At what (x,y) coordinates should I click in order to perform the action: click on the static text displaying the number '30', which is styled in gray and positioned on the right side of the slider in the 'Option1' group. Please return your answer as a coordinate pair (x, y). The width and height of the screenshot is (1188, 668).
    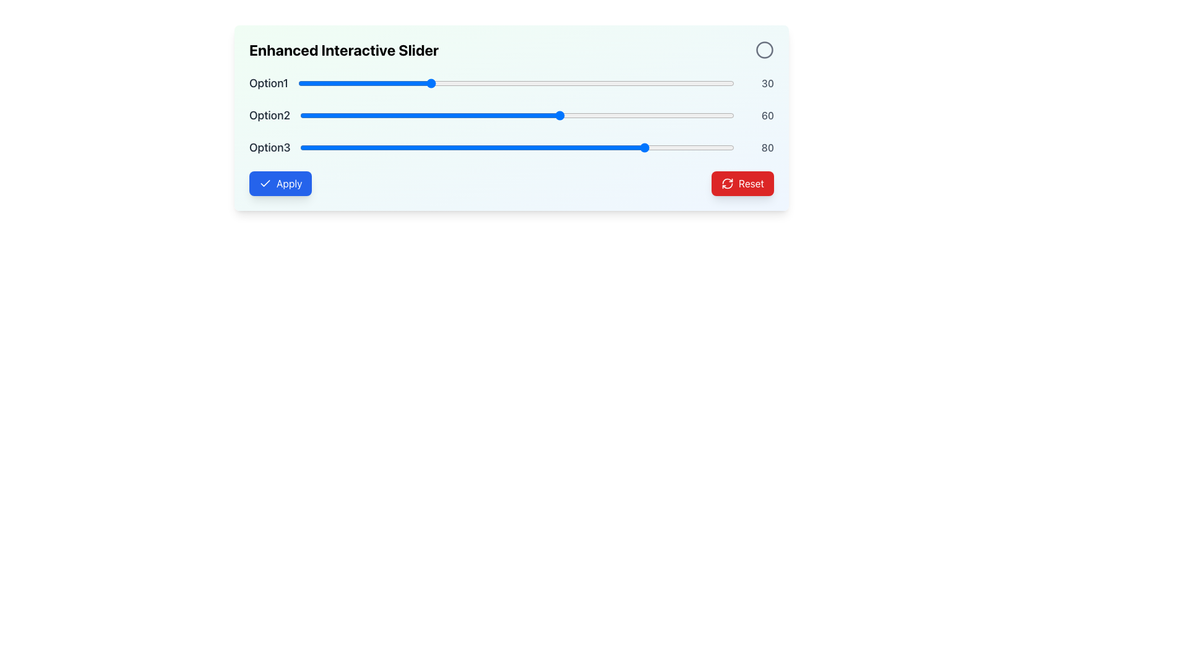
    Looking at the image, I should click on (759, 83).